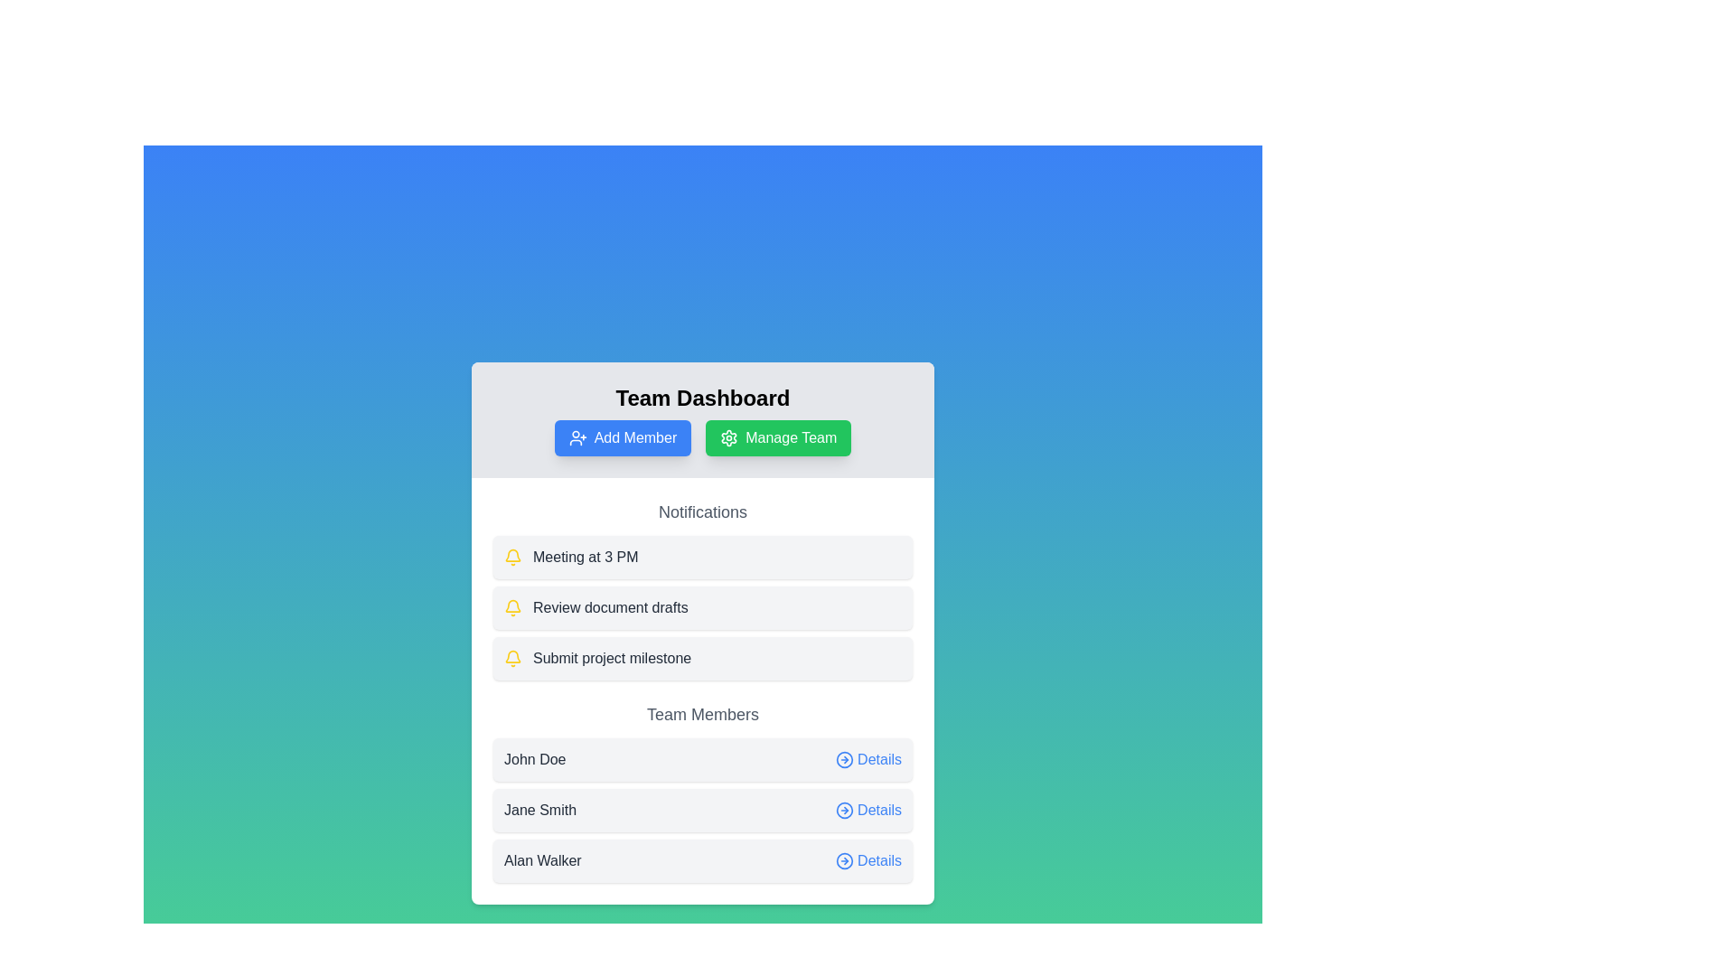 The width and height of the screenshot is (1735, 976). What do you see at coordinates (844, 859) in the screenshot?
I see `the icon located to the right of the 'Alan Walker' member row in the 'Team Members' section of the dashboard to trigger a tooltip, if implemented` at bounding box center [844, 859].